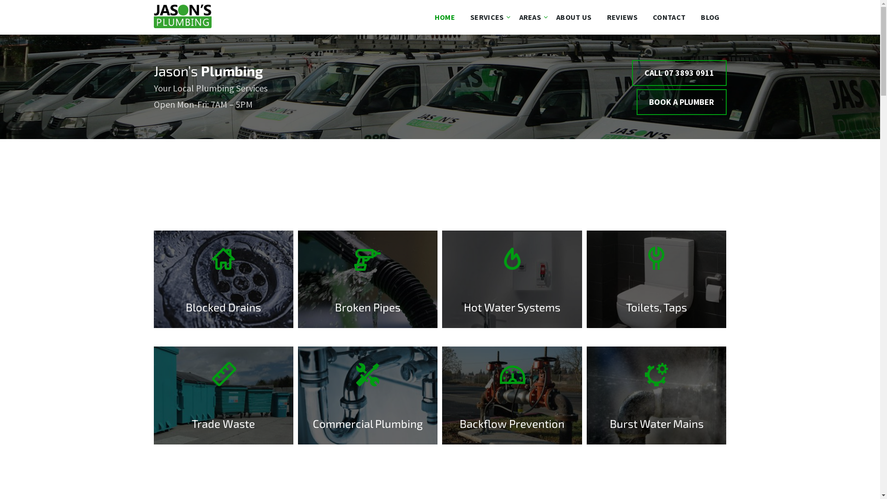 The width and height of the screenshot is (887, 499). What do you see at coordinates (486, 17) in the screenshot?
I see `'SERVICES'` at bounding box center [486, 17].